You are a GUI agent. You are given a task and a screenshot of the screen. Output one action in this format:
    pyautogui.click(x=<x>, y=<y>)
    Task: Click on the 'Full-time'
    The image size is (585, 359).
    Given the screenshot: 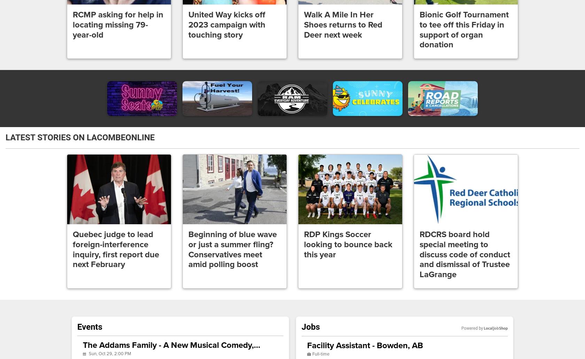 What is the action you would take?
    pyautogui.click(x=320, y=353)
    